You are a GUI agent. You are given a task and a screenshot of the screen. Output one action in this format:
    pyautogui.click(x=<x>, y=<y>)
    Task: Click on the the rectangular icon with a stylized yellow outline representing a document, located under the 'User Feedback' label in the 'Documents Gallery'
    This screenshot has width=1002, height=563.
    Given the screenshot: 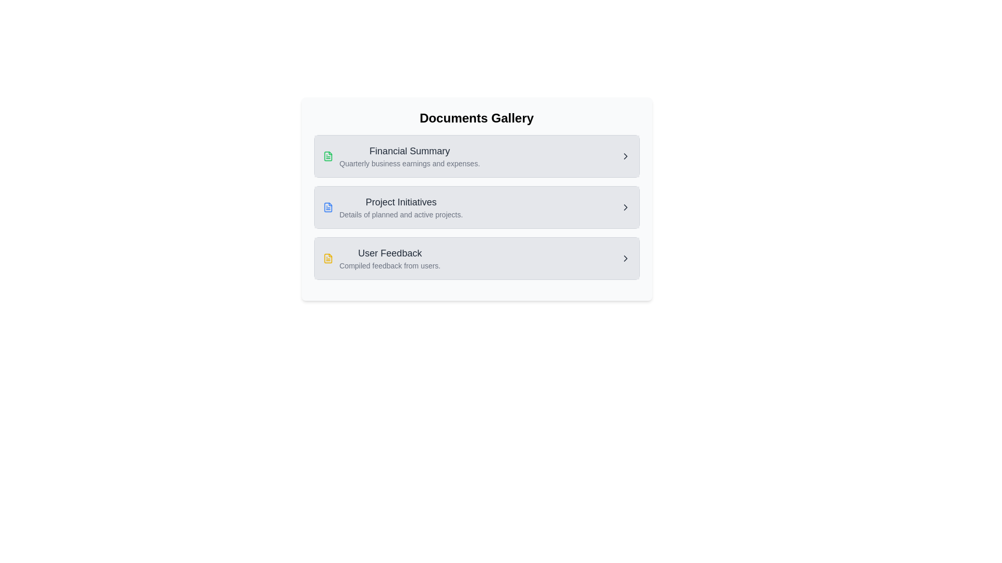 What is the action you would take?
    pyautogui.click(x=327, y=258)
    